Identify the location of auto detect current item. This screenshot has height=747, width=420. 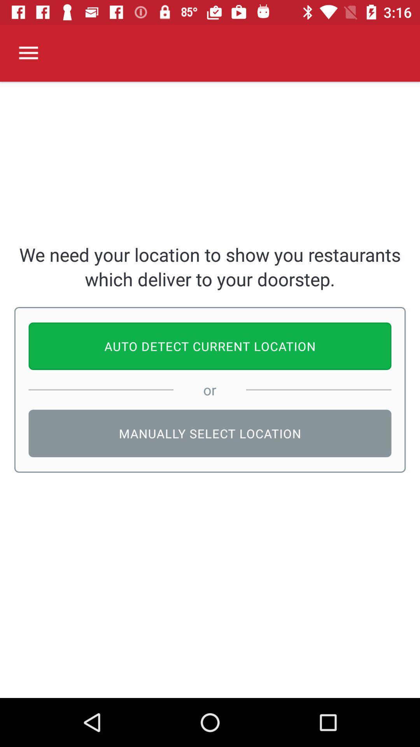
(210, 345).